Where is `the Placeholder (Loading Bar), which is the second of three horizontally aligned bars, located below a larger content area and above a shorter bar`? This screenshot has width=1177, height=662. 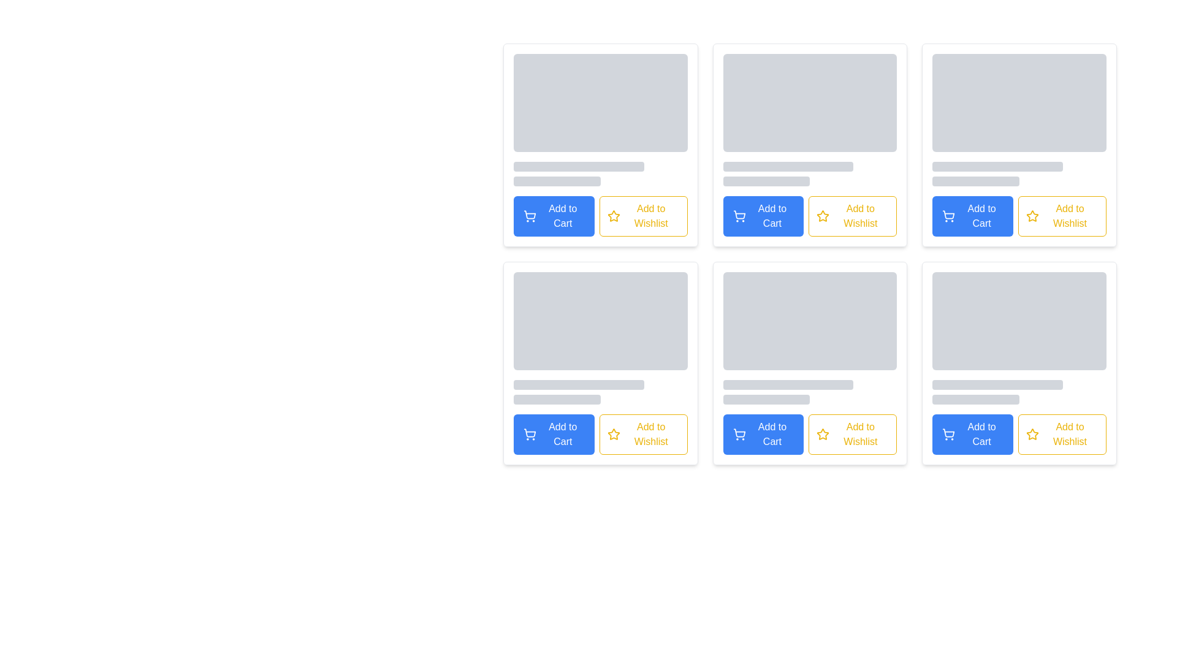
the Placeholder (Loading Bar), which is the second of three horizontally aligned bars, located below a larger content area and above a shorter bar is located at coordinates (997, 384).